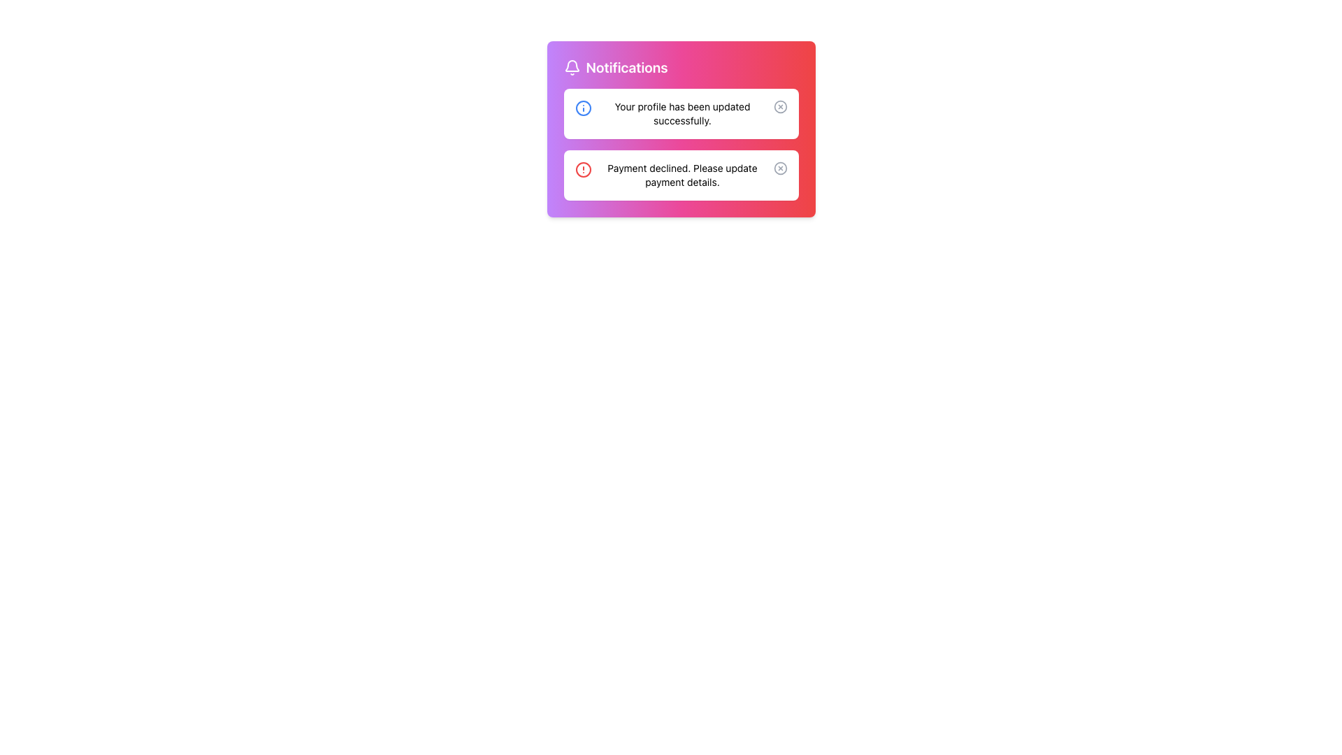  I want to click on the bell icon with a magenta-pink background, which is located to the left of the 'Notifications' text in the header section, so click(572, 67).